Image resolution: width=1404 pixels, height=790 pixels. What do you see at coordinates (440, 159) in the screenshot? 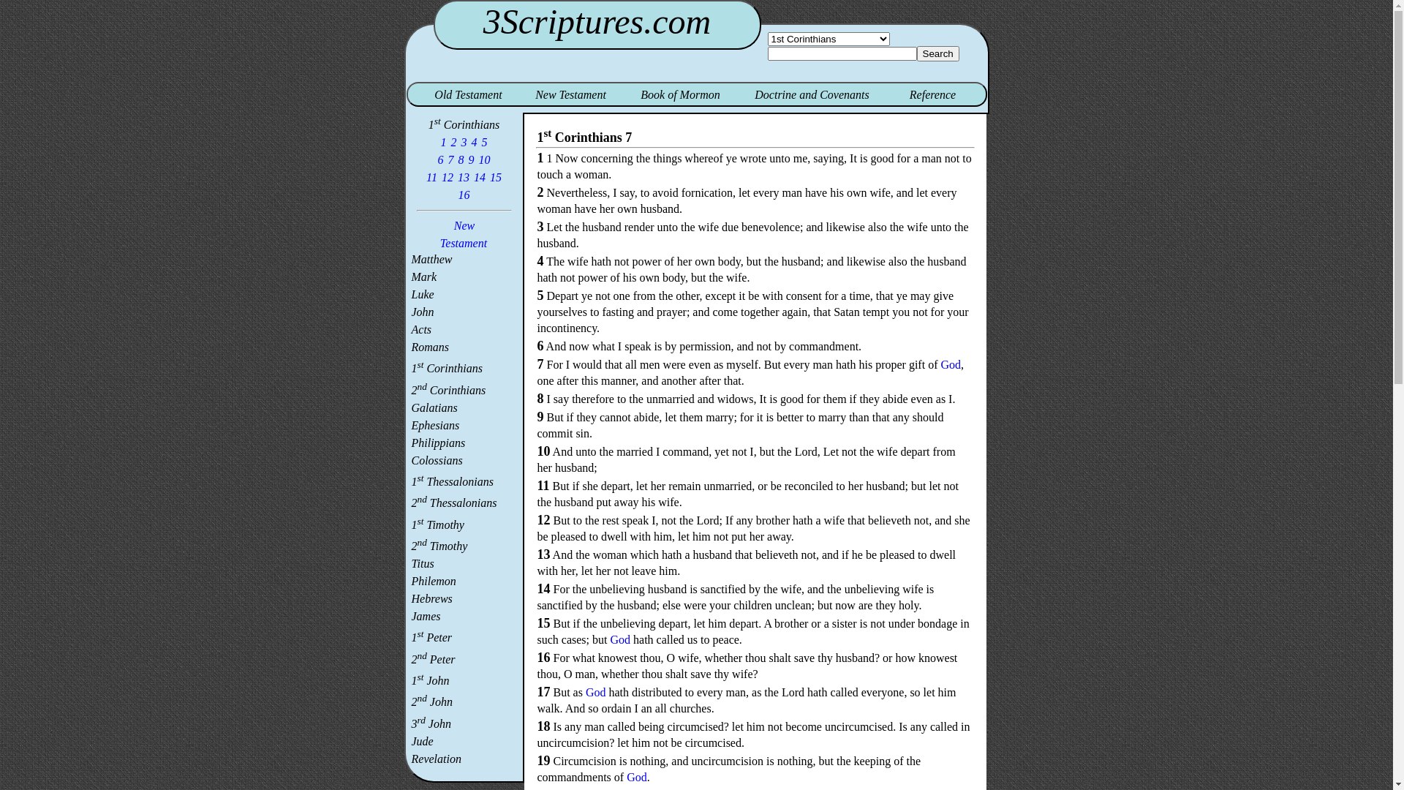
I see `'6'` at bounding box center [440, 159].